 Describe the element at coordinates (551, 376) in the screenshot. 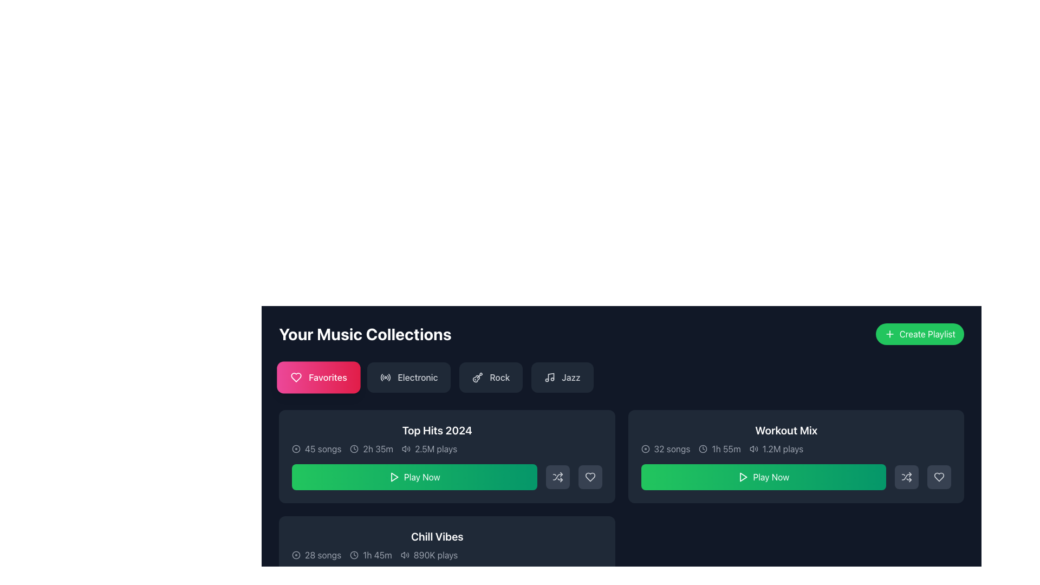

I see `vertical staff of the musical note icon associated with the 'Jazz' button, which is the fourth button from the left` at that location.